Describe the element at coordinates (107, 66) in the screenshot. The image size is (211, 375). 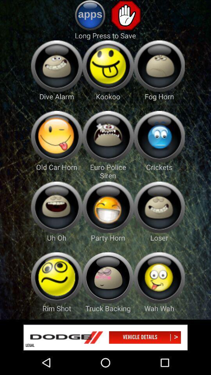
I see `ringtones` at that location.